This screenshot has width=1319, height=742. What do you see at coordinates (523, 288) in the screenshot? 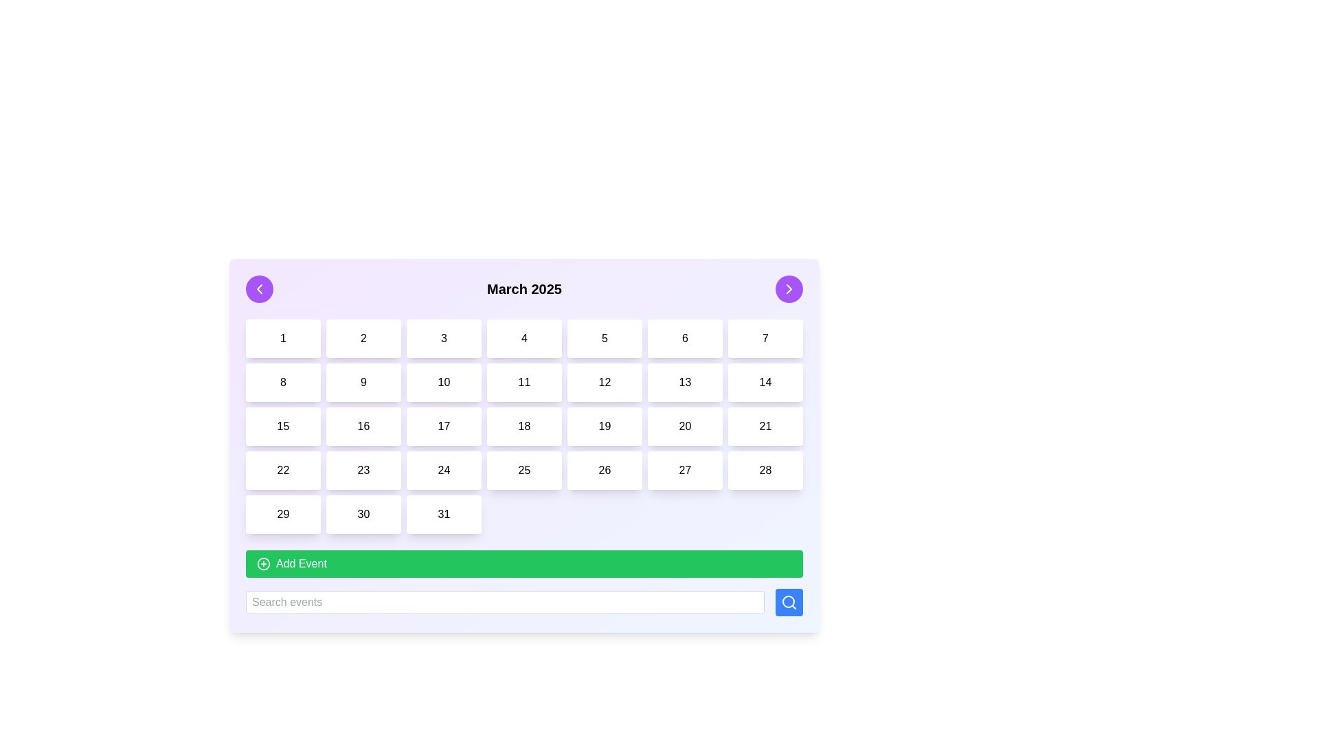
I see `the label displaying the currently selected month and year at the top of the calendar interface` at bounding box center [523, 288].